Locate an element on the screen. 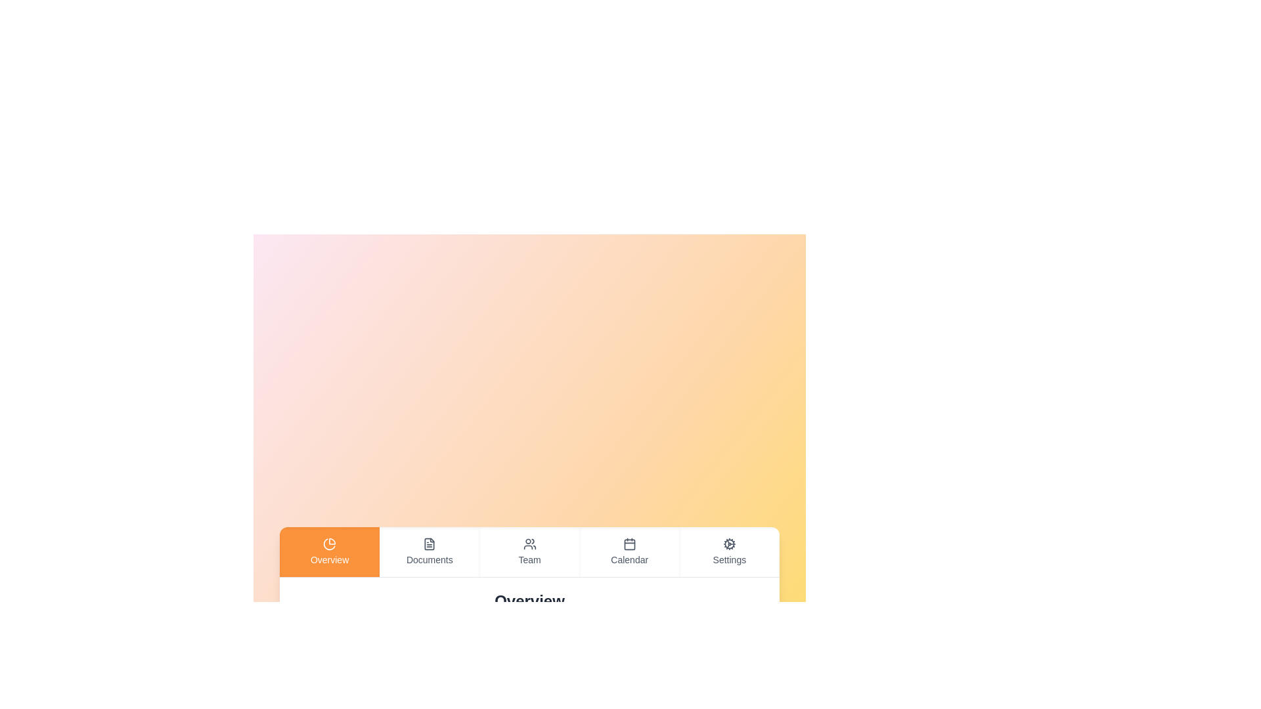 The height and width of the screenshot is (709, 1261). the 'Overview' SVG graphic icon located in the bottom navigation bar, which is centered within the orange section labeled 'Overview' is located at coordinates (330, 544).